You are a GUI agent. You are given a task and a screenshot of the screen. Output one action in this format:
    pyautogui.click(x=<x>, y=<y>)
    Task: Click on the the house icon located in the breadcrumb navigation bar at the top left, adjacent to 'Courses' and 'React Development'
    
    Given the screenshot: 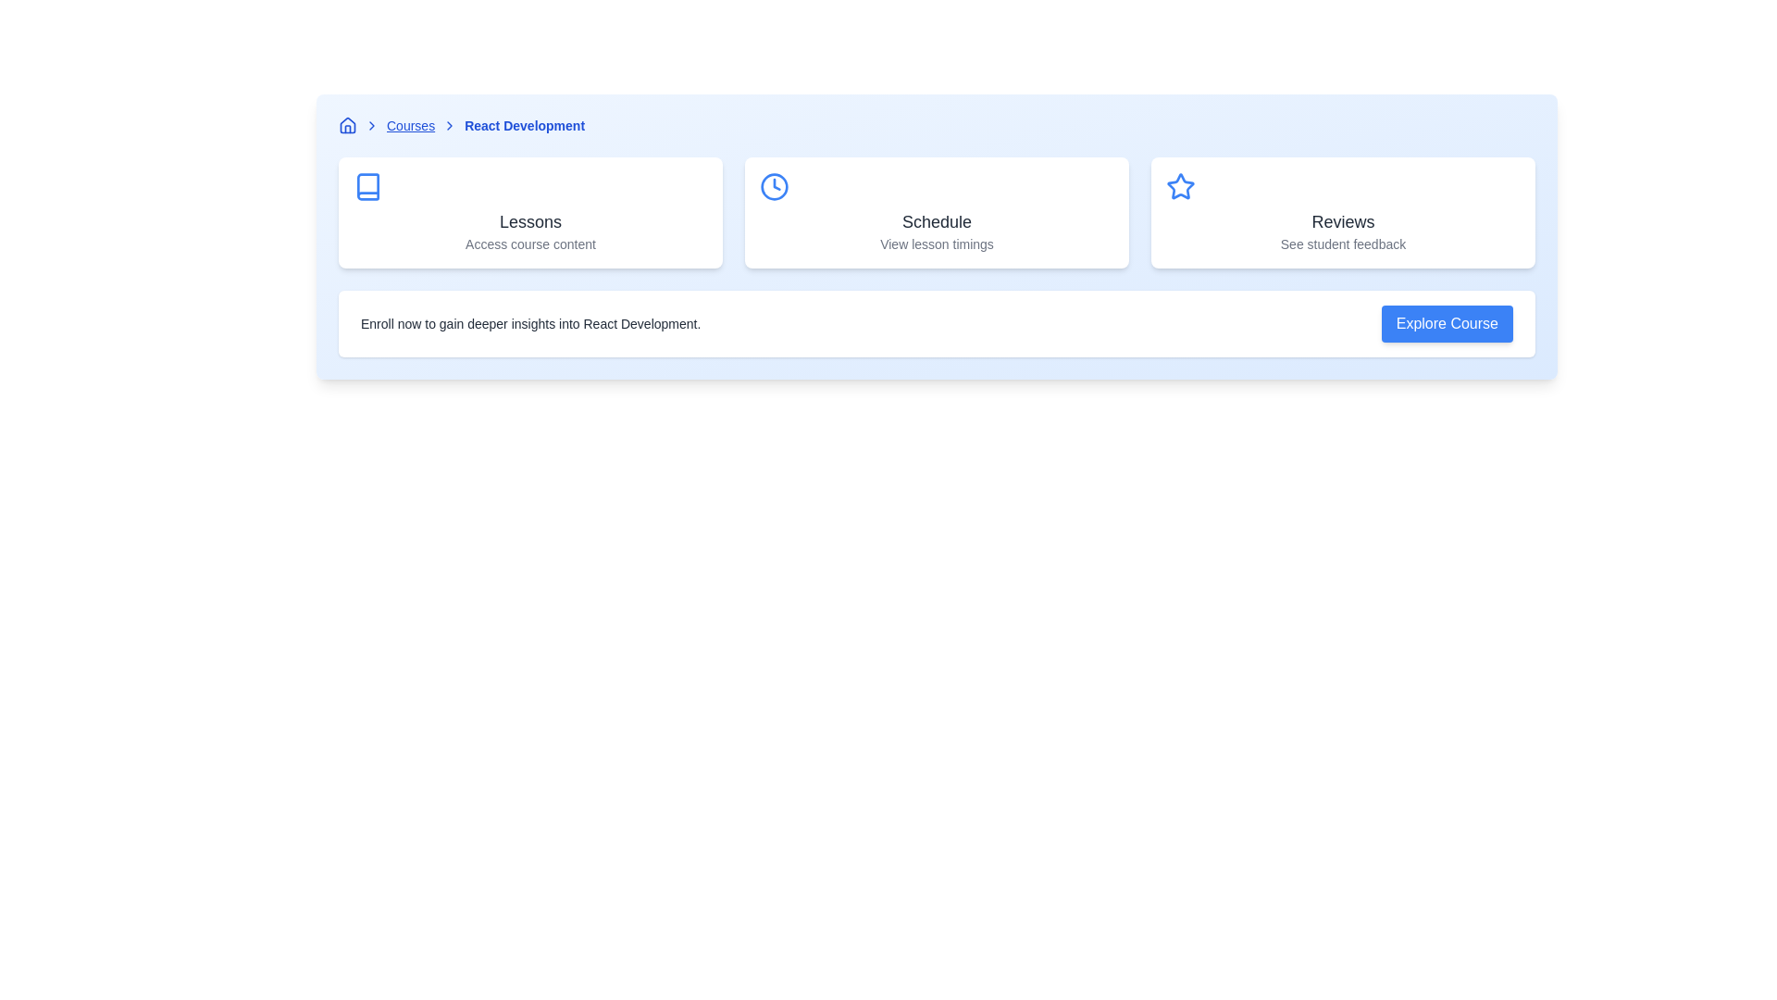 What is the action you would take?
    pyautogui.click(x=347, y=125)
    